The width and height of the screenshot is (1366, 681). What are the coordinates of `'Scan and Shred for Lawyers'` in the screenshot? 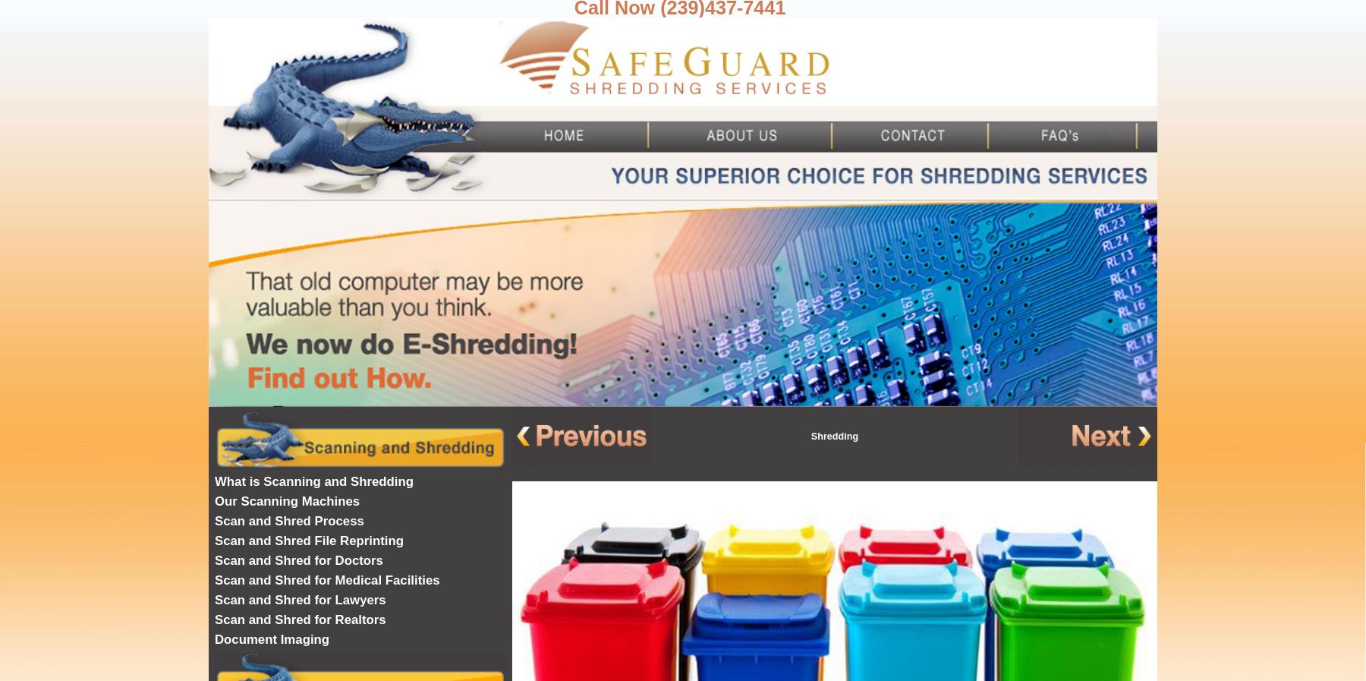 It's located at (213, 600).